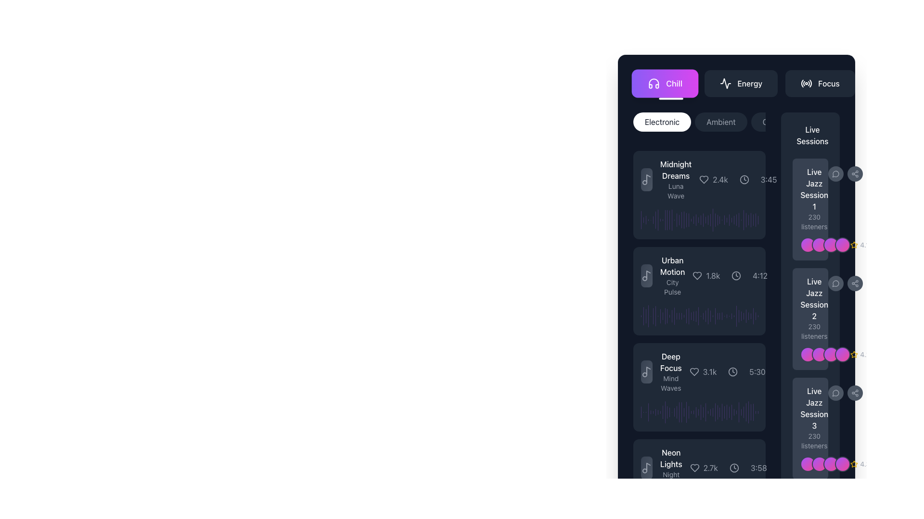  Describe the element at coordinates (810, 244) in the screenshot. I see `the second circular Avatar representation with a pink to purple gradient, located in the lower-right section of the card for 'Live Jazz Session 1'` at that location.